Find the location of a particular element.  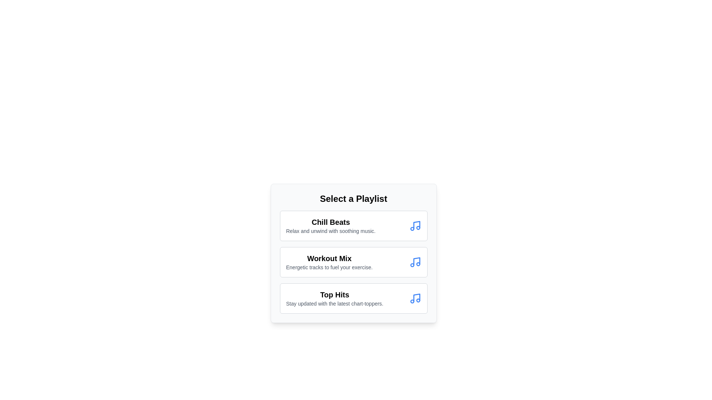

to select the 'Workout Mix' playlist option, which includes the text 'Energetic tracks to fuel your exercise.' and a blue musical note icon, located in the list under 'Select a Playlist.' is located at coordinates (353, 262).